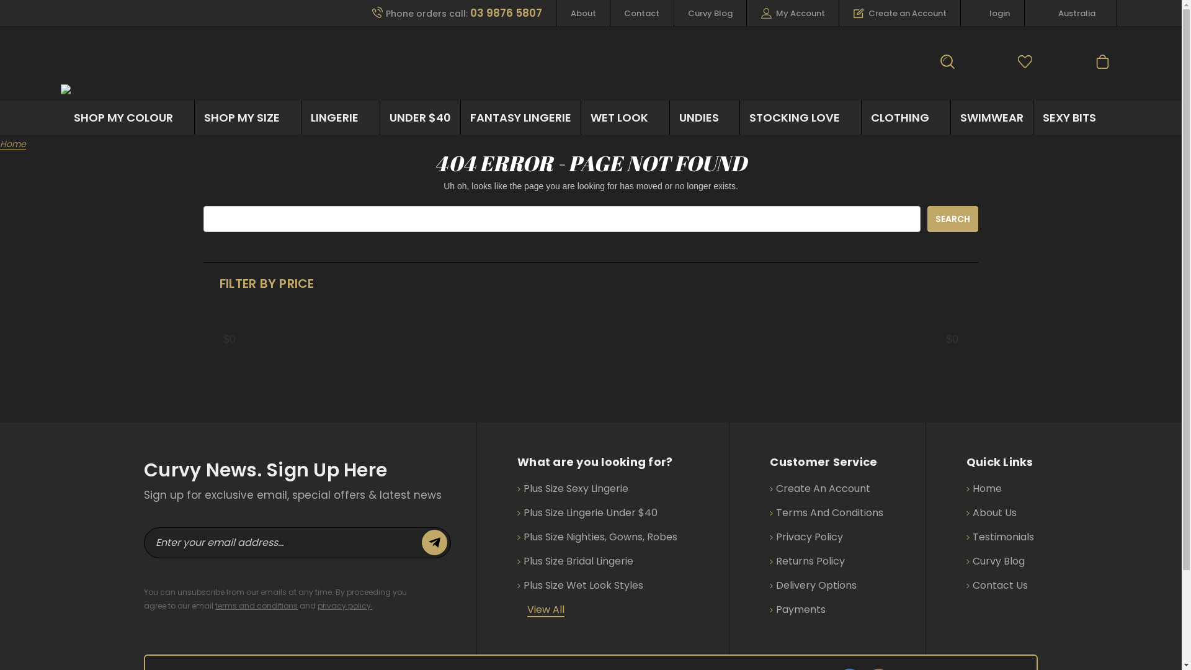 Image resolution: width=1191 pixels, height=670 pixels. Describe the element at coordinates (1070, 13) in the screenshot. I see `'Australia'` at that location.